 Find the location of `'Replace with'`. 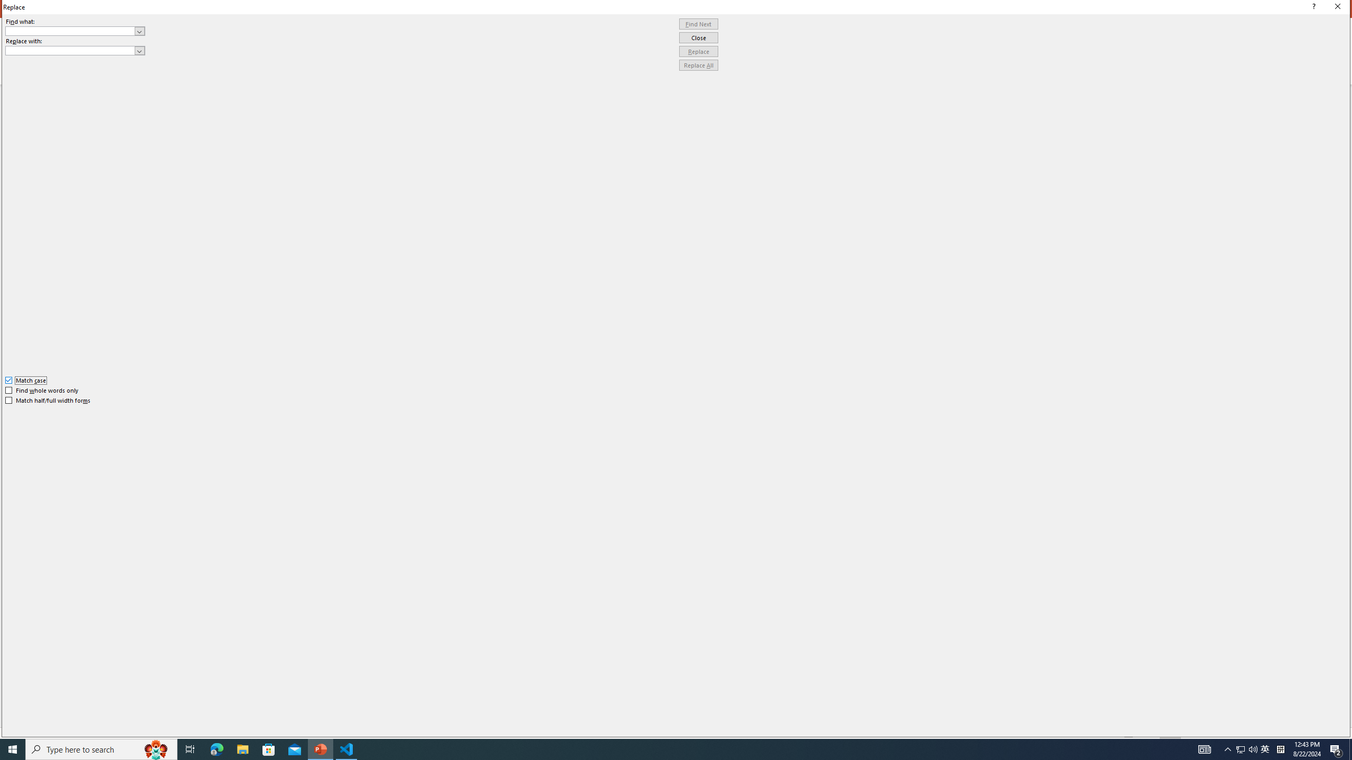

'Replace with' is located at coordinates (75, 50).